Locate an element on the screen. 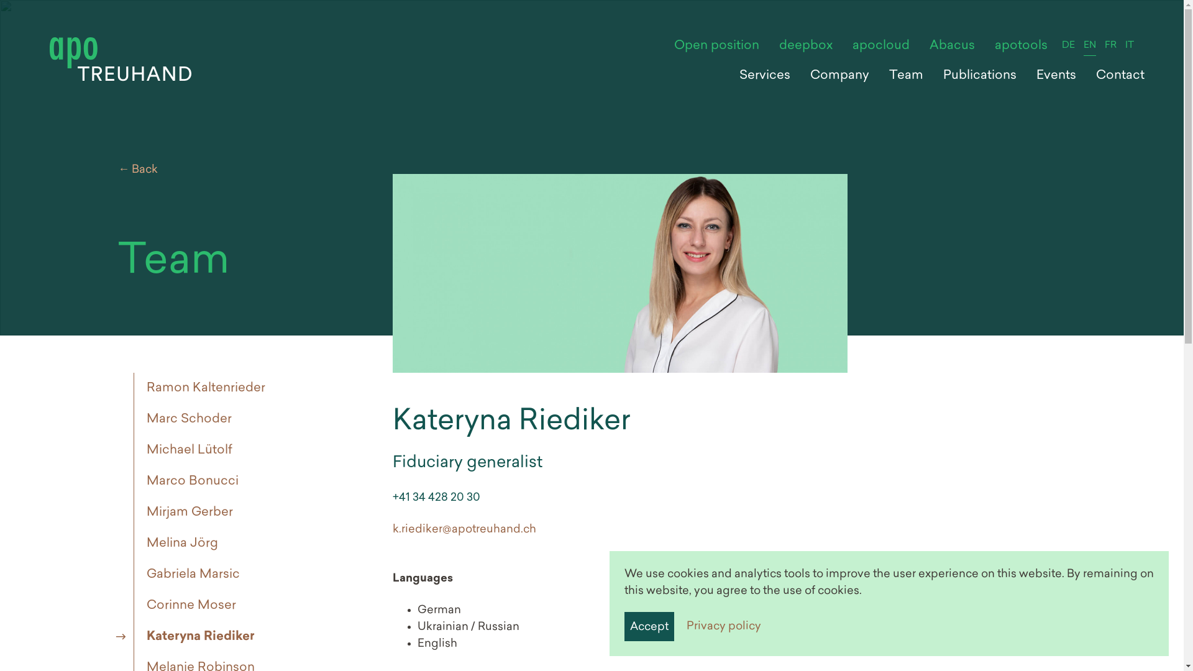  'Mirjam Gerber' is located at coordinates (134, 513).